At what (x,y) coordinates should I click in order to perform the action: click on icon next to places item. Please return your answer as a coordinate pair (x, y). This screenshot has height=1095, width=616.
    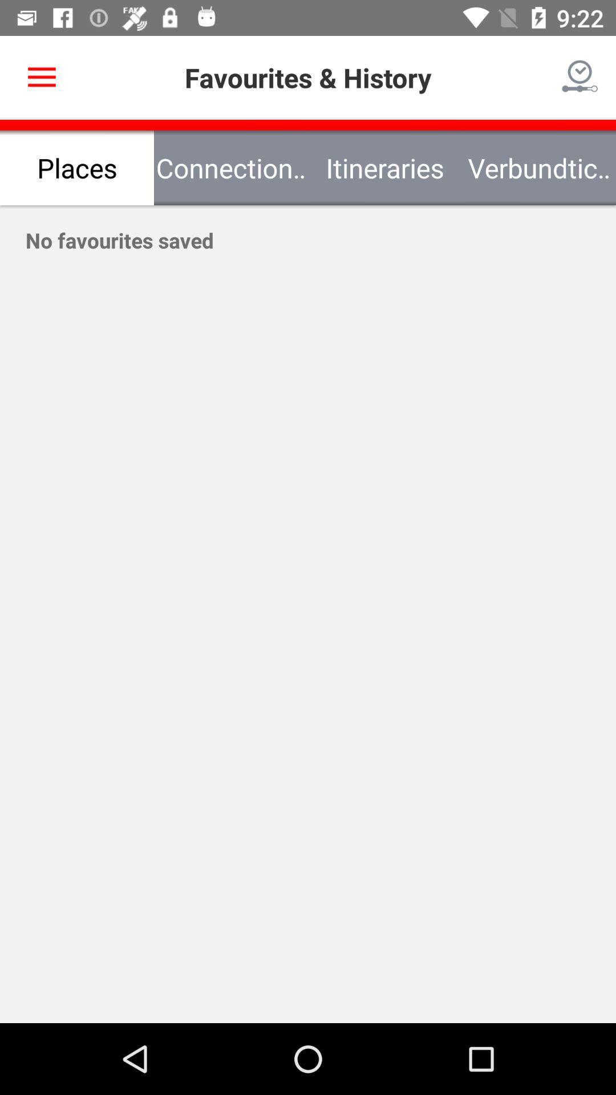
    Looking at the image, I should click on (231, 167).